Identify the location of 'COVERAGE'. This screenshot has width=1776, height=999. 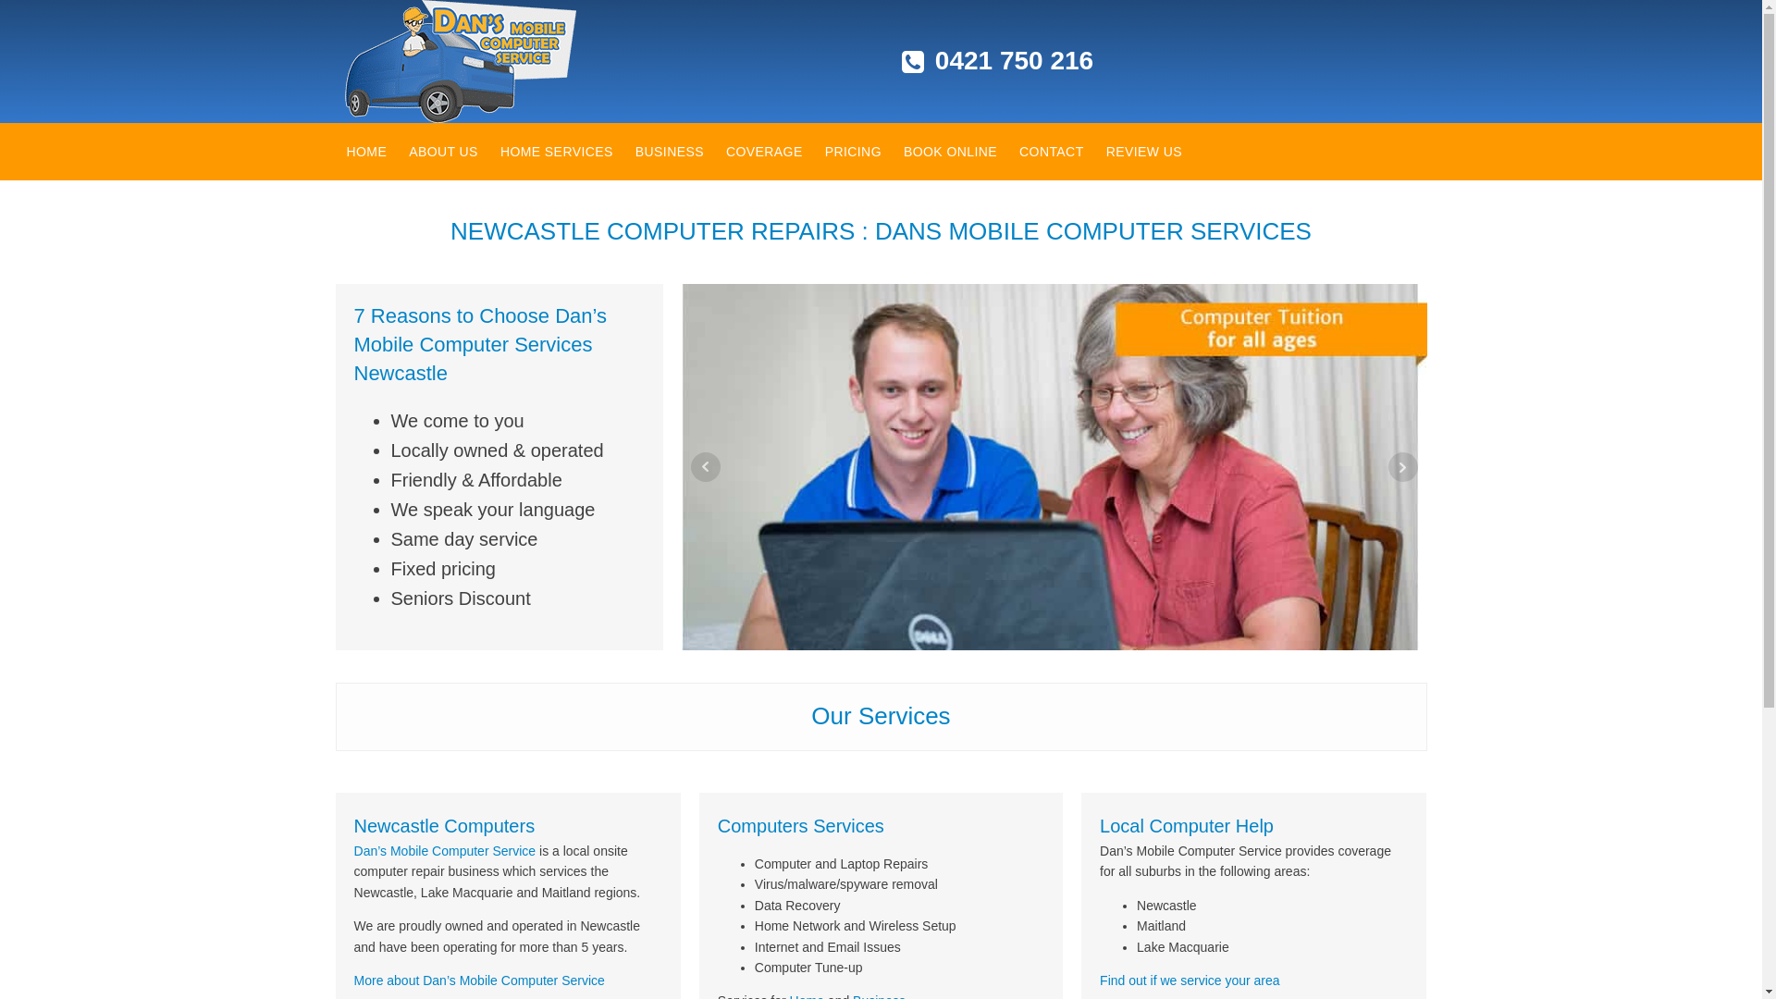
(764, 151).